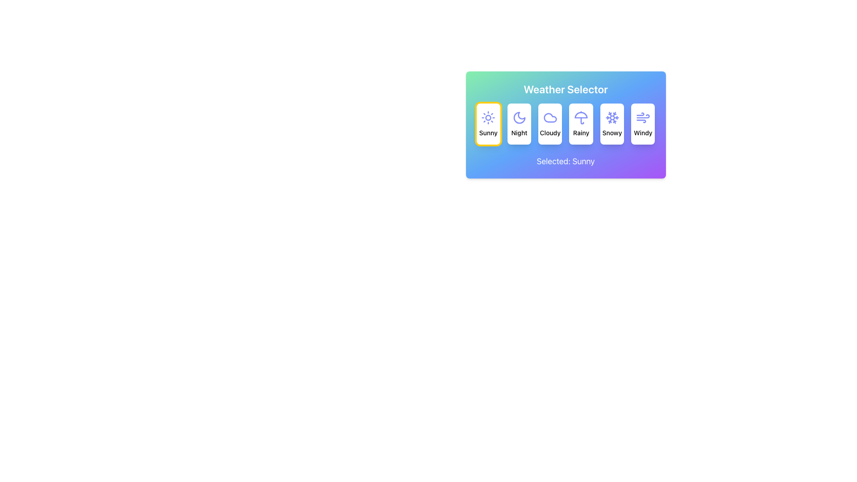 This screenshot has width=857, height=482. I want to click on the text label indicating the 'Snowy' weather condition, which is part of the sixth card in the weather selection interface, located between 'Rainy' and 'Windy', so click(612, 133).